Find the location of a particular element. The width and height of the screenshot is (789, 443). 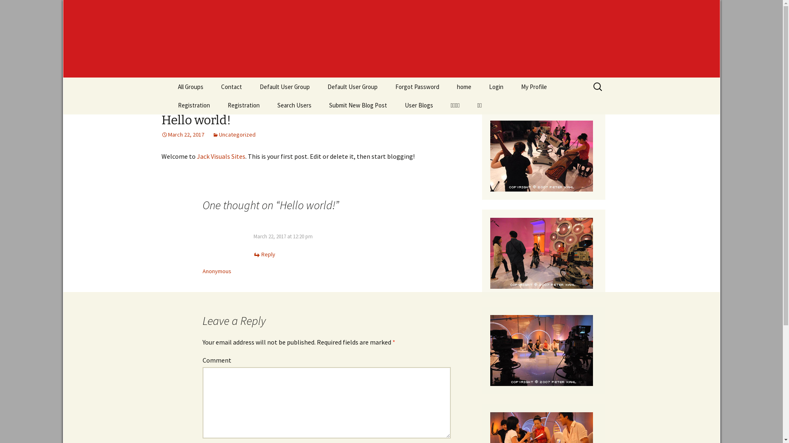

'Contact' is located at coordinates (231, 87).